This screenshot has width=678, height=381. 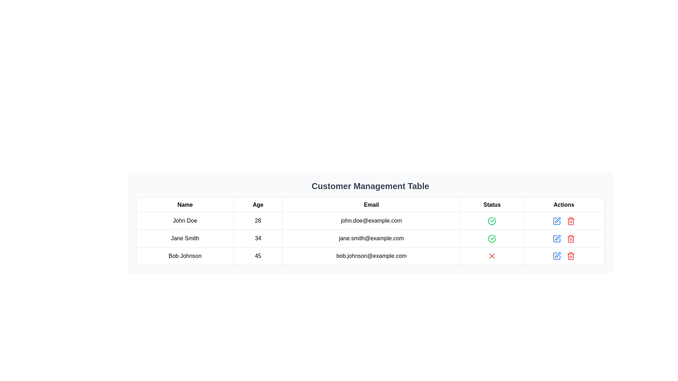 I want to click on the Table Header Cell that signifies the email addresses column, which is the third header in the table, located between 'Age' and 'Status', so click(x=371, y=205).